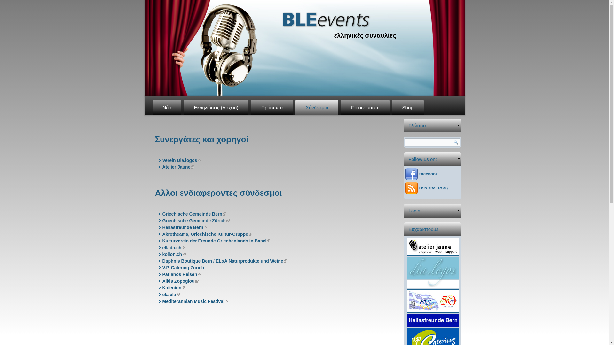 The width and height of the screenshot is (614, 345). What do you see at coordinates (181, 274) in the screenshot?
I see `'Parianos Reisen` at bounding box center [181, 274].